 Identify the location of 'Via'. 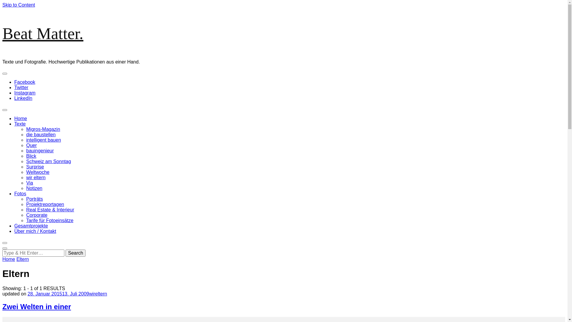
(29, 182).